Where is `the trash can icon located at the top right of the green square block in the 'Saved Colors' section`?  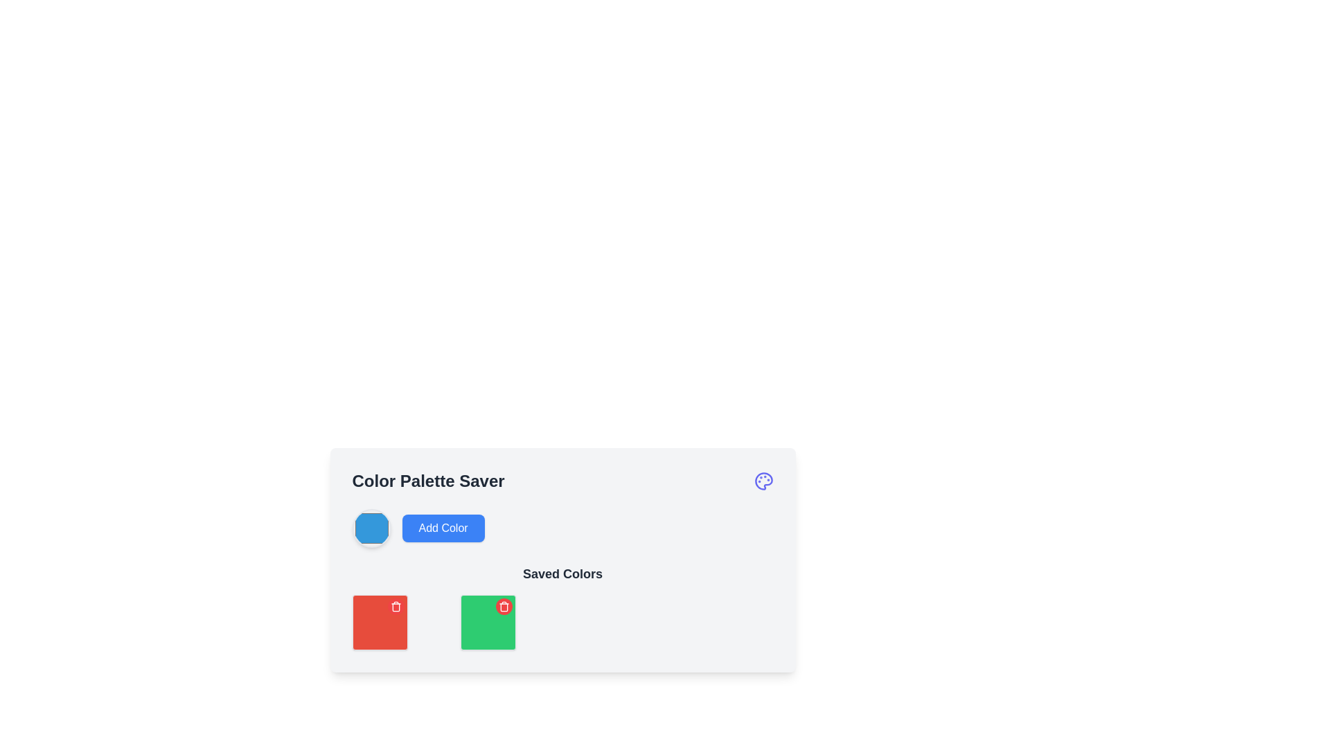 the trash can icon located at the top right of the green square block in the 'Saved Colors' section is located at coordinates (395, 605).